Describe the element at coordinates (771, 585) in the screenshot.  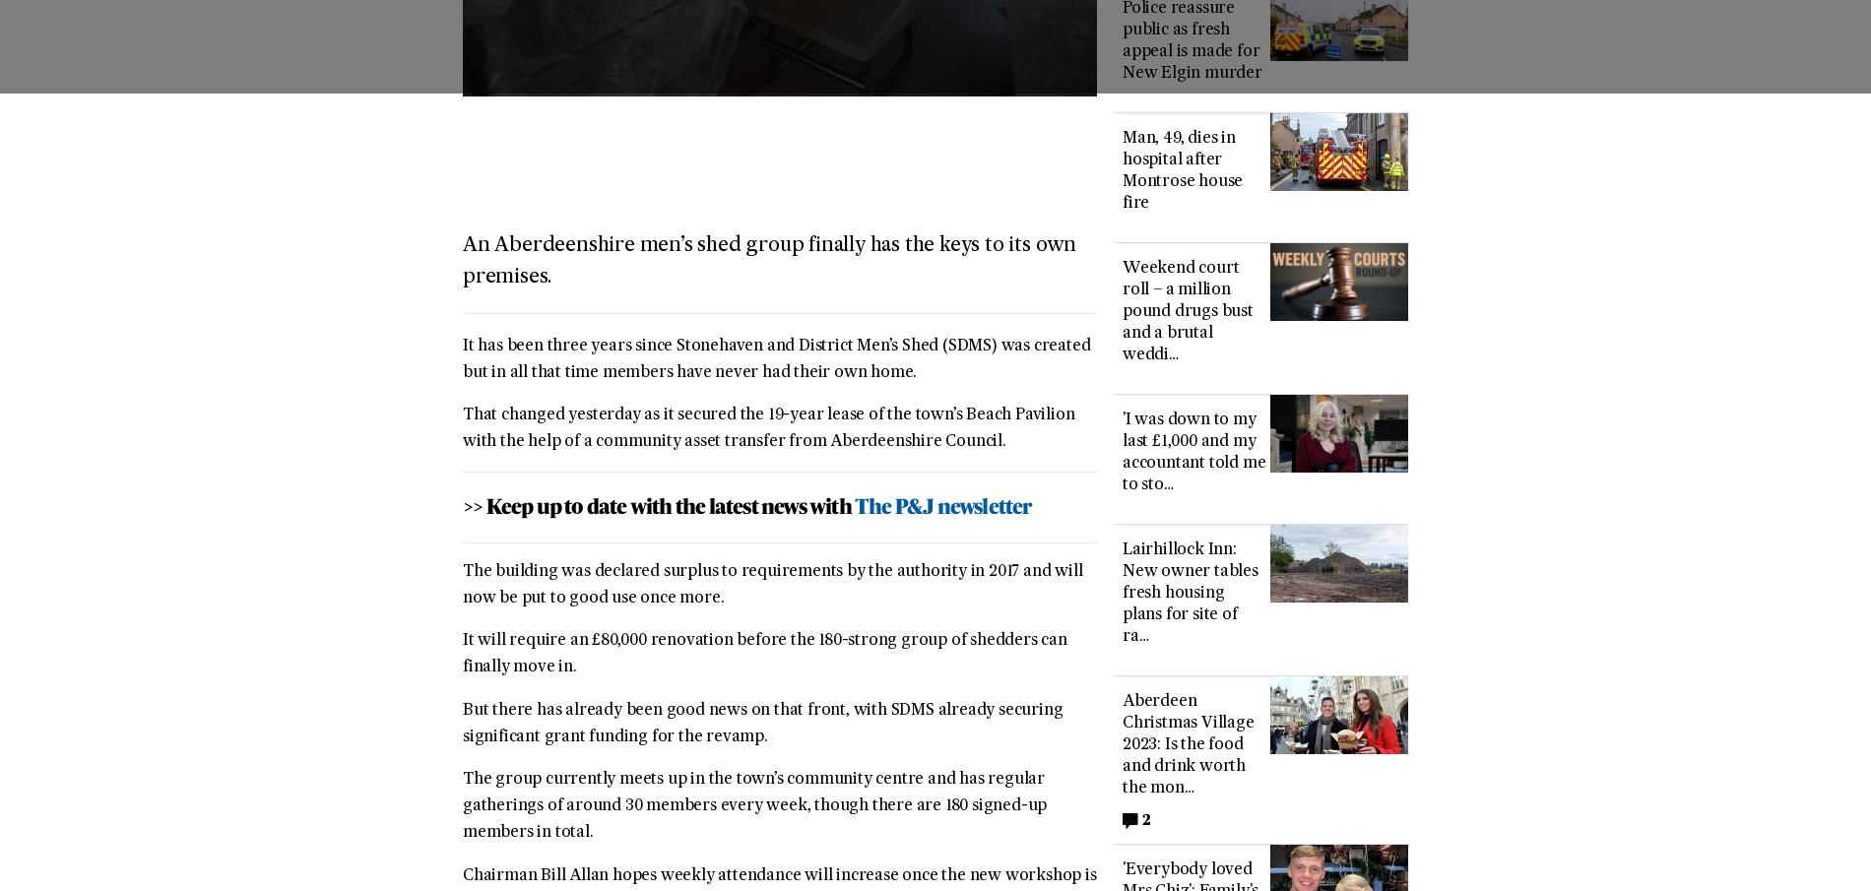
I see `'The building was declared surplus to requirements by the authority in 2017 and will now be put to good use once more.'` at that location.